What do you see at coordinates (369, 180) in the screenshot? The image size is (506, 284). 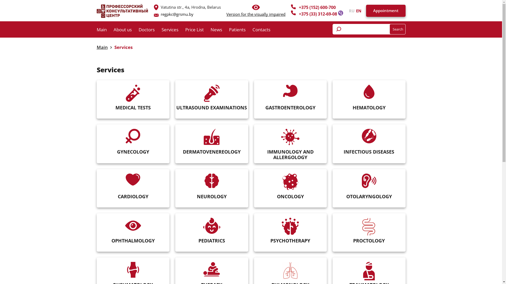 I see `'Otolaryngology'` at bounding box center [369, 180].